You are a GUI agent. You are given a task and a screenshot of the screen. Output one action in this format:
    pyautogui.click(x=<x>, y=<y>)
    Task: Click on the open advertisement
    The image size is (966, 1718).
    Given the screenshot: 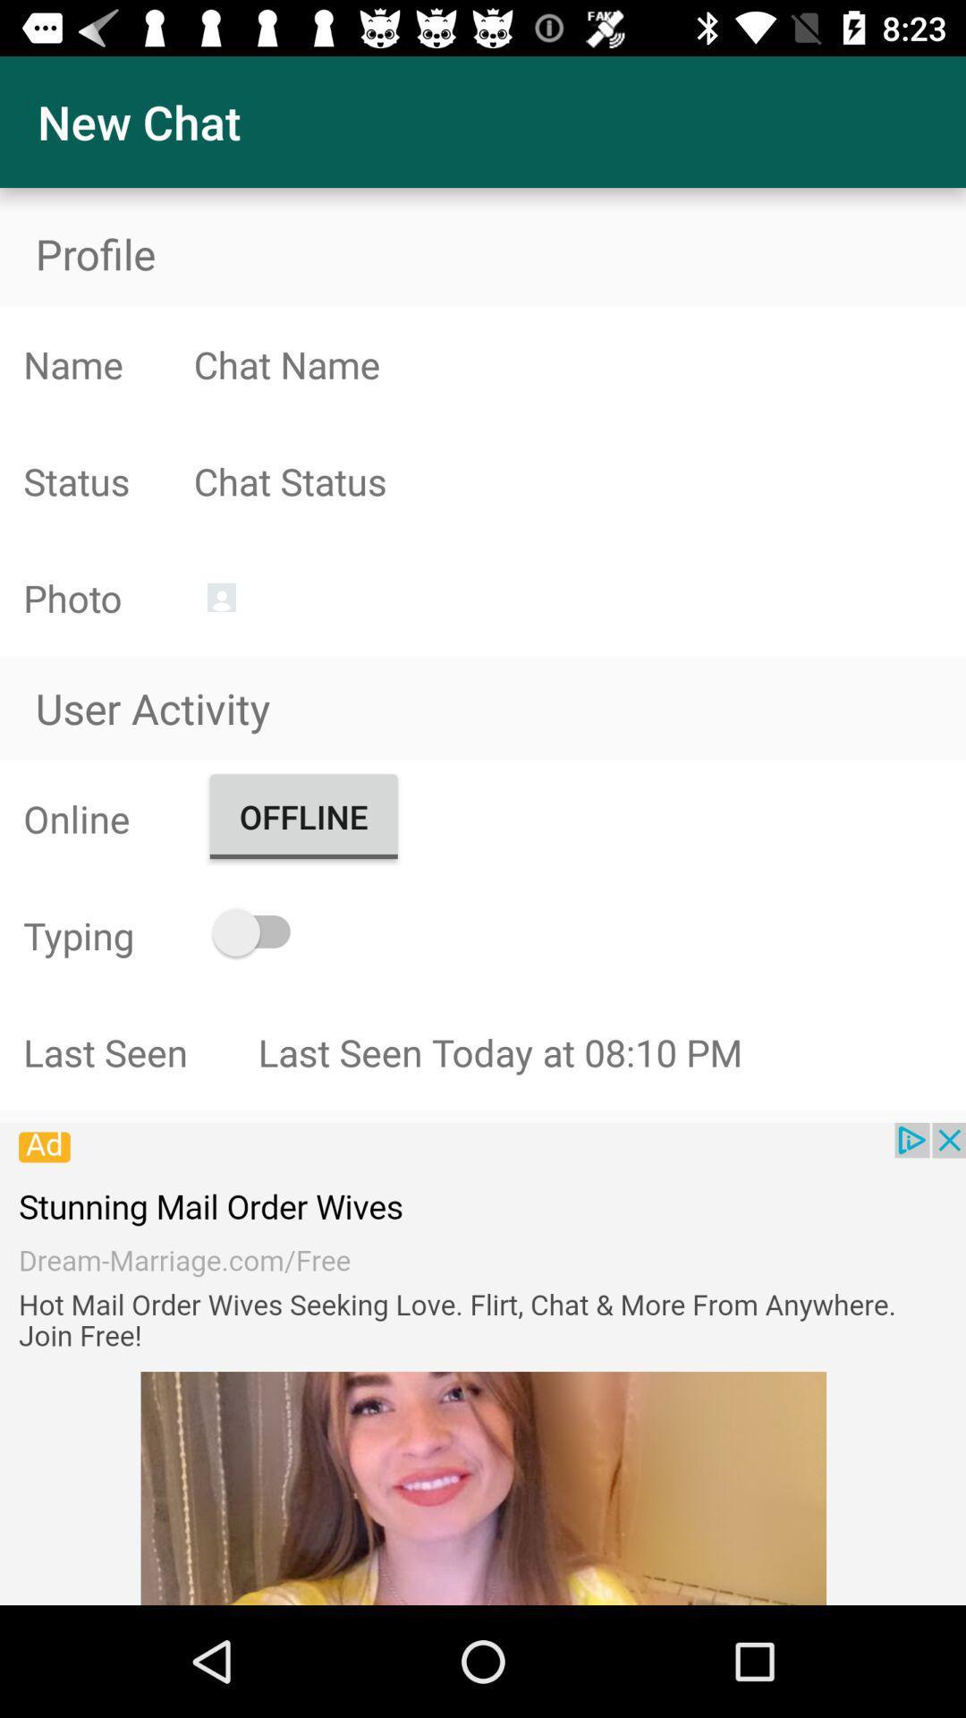 What is the action you would take?
    pyautogui.click(x=483, y=1363)
    